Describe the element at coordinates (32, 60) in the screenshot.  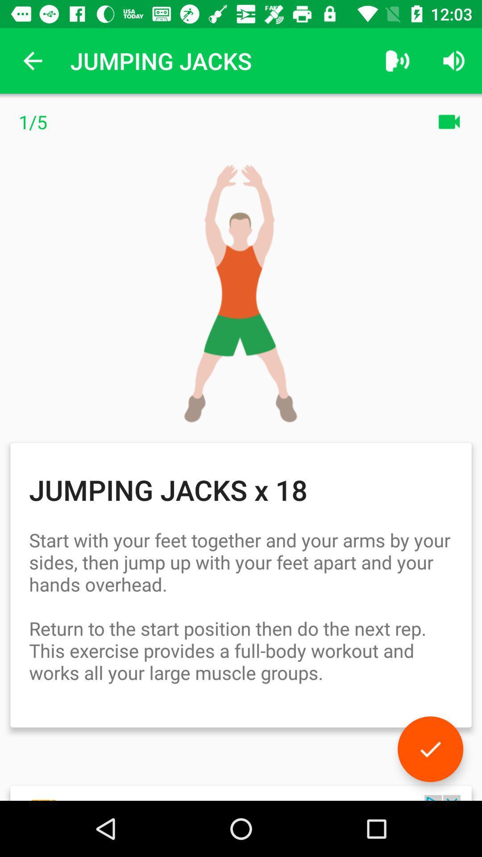
I see `the item to the left of the jumping jacks app` at that location.